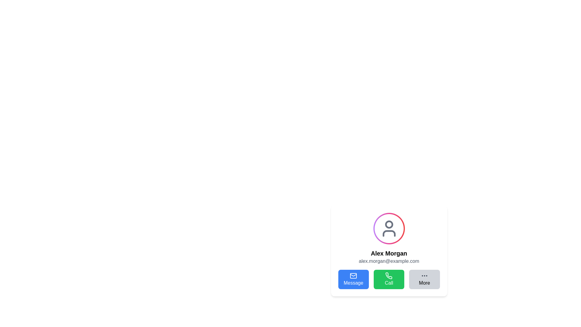  I want to click on the minimalist mail icon located above the 'Message' text button to trigger a tooltip or visual feedback, so click(353, 276).